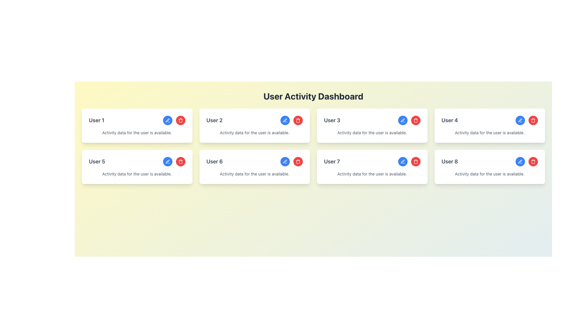 This screenshot has width=565, height=318. What do you see at coordinates (255, 161) in the screenshot?
I see `the user entry display row containing the name 'User 6'` at bounding box center [255, 161].